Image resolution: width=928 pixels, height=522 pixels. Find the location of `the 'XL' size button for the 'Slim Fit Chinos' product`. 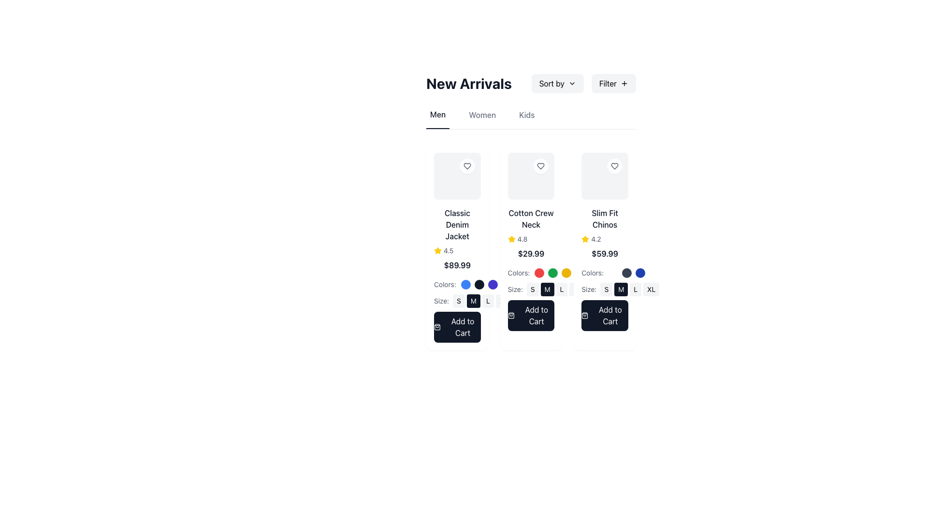

the 'XL' size button for the 'Slim Fit Chinos' product is located at coordinates (578, 289).